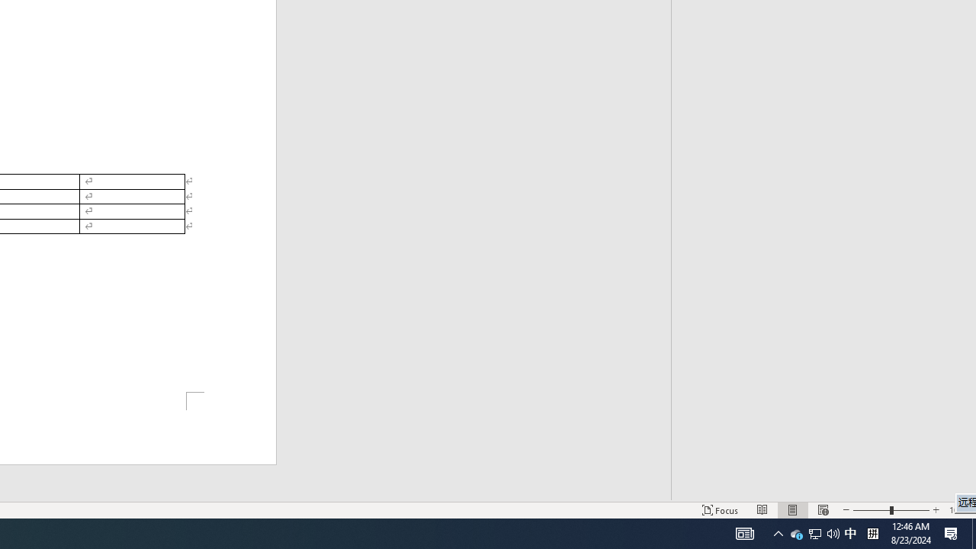 The width and height of the screenshot is (976, 549). Describe the element at coordinates (872, 510) in the screenshot. I see `'Zoom Out'` at that location.